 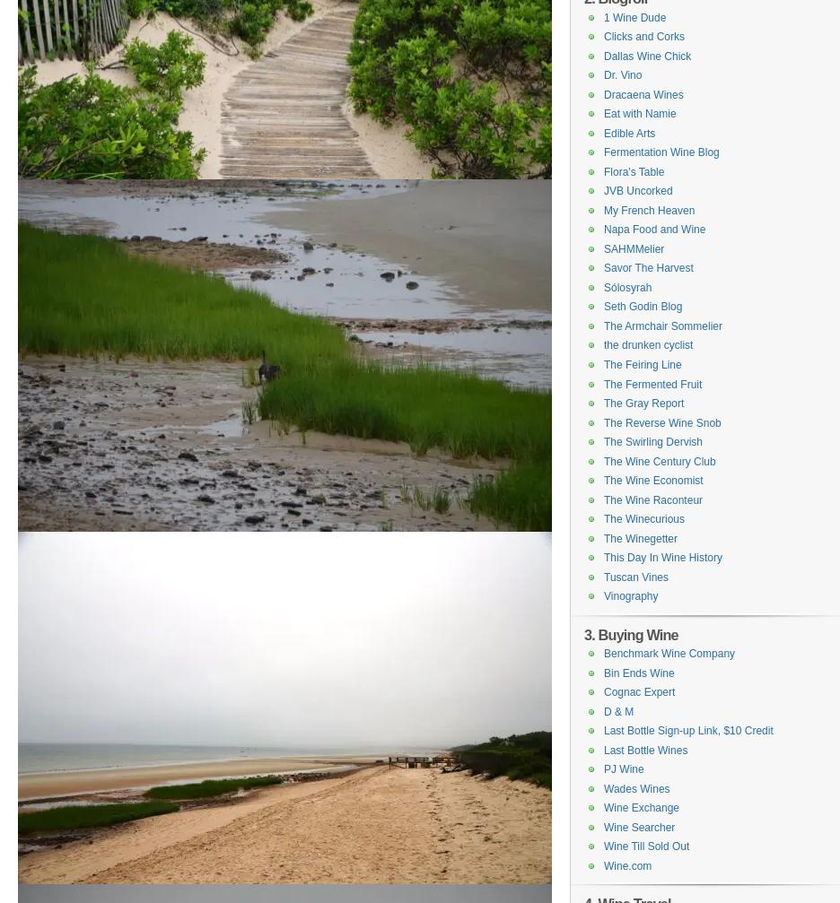 What do you see at coordinates (647, 344) in the screenshot?
I see `'the drunken cyclist'` at bounding box center [647, 344].